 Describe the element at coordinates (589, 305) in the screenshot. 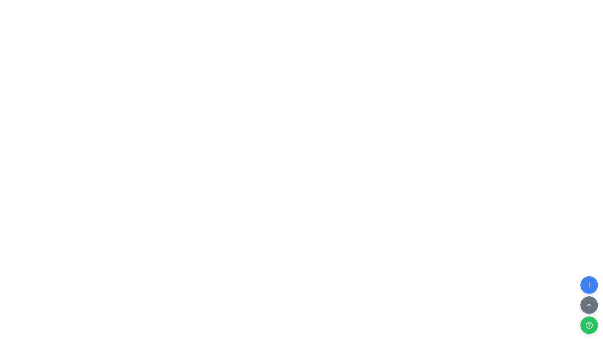

I see `the upward chevron icon, which is a hollow design with a thin white stroke against a gray circular background, located at the center of the middle button in the bottom-right vertical menu` at that location.